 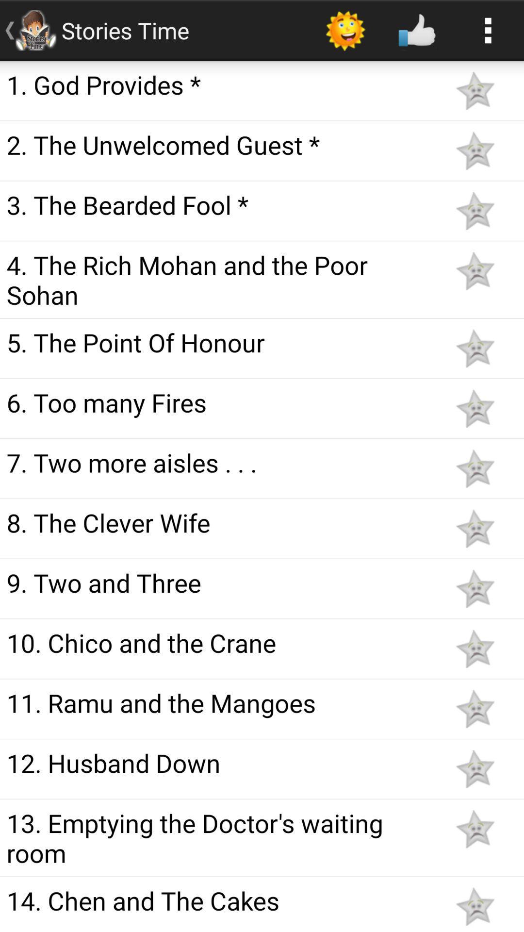 I want to click on 12. husband down, so click(x=219, y=762).